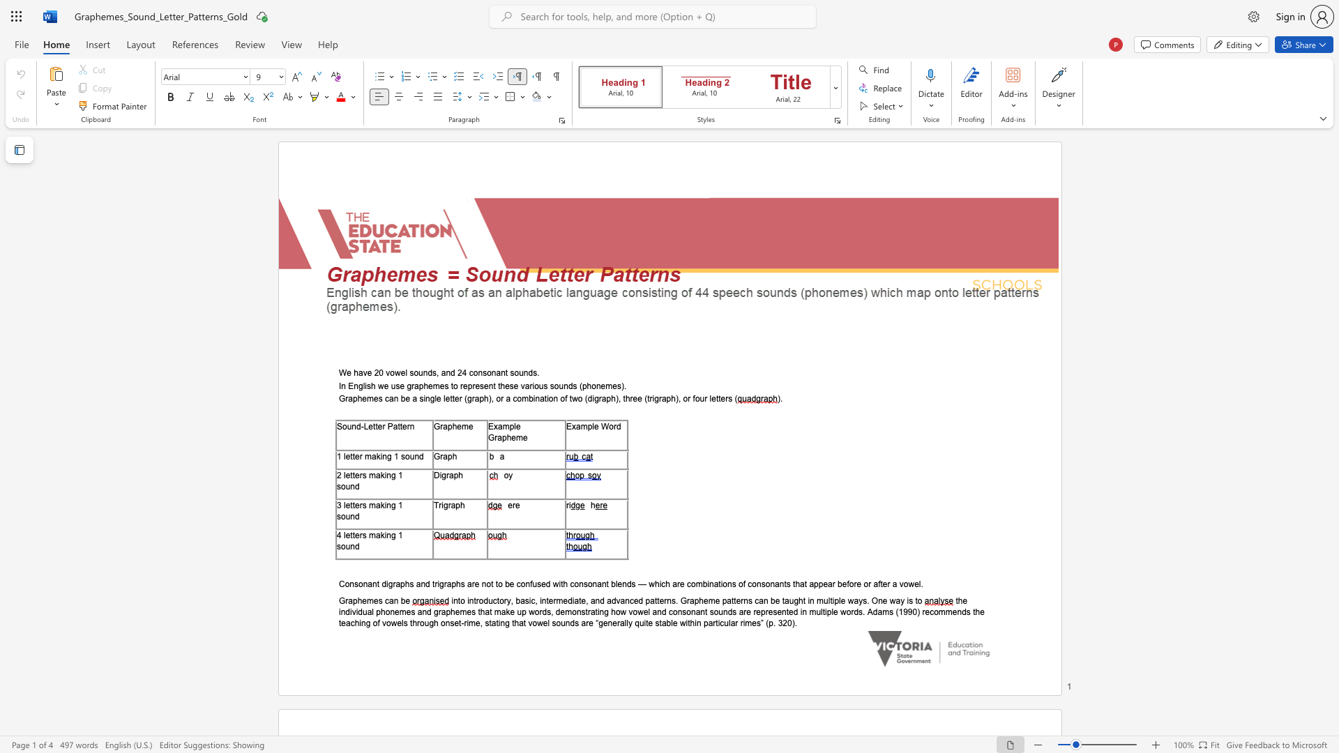 This screenshot has height=753, width=1339. Describe the element at coordinates (566, 425) in the screenshot. I see `the subset text "Ex" within the text "Example Word"` at that location.